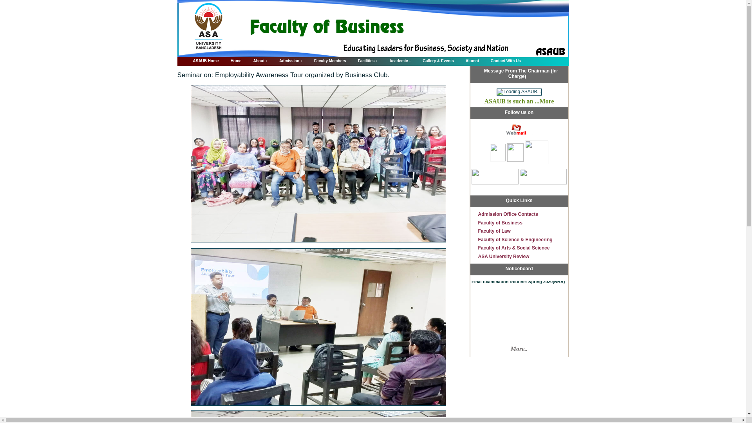  What do you see at coordinates (502, 60) in the screenshot?
I see `'Contact With Us'` at bounding box center [502, 60].